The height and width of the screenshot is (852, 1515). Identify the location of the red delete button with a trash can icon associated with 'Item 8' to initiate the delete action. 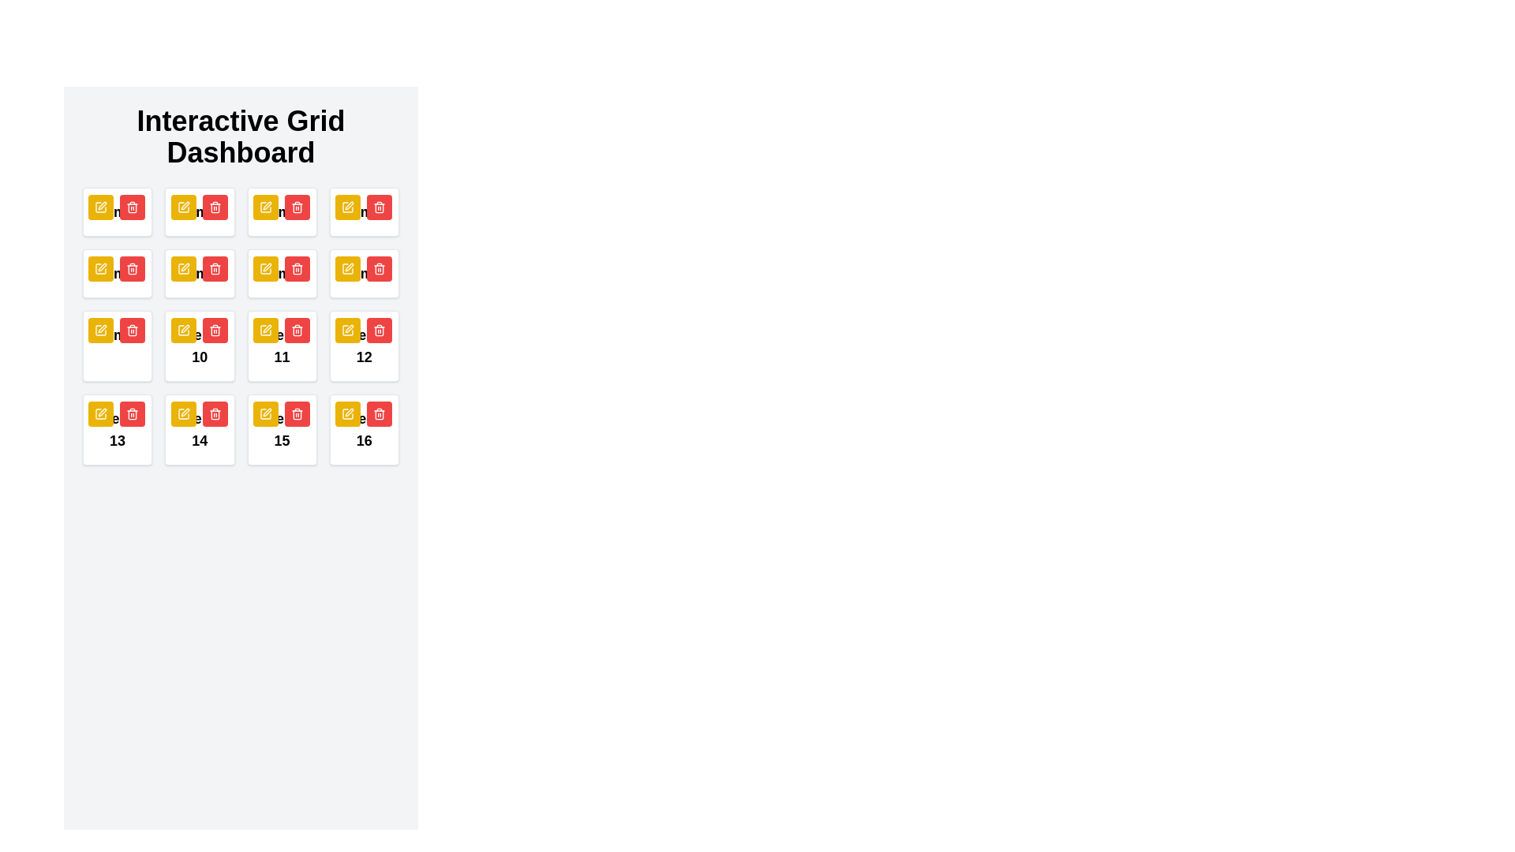
(363, 273).